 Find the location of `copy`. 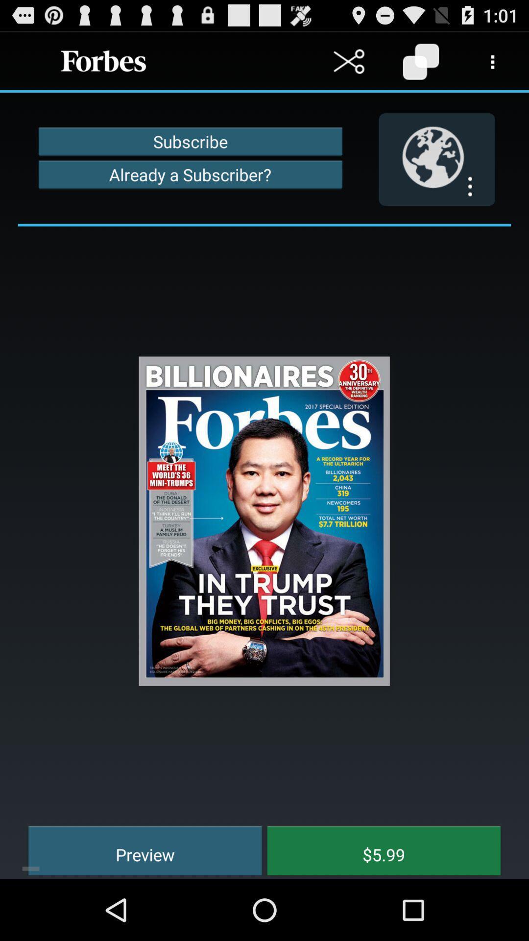

copy is located at coordinates (420, 61).